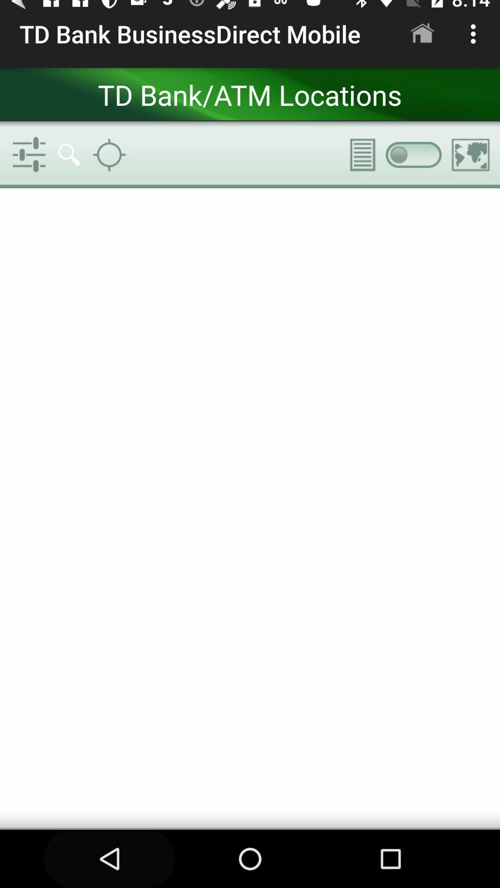  Describe the element at coordinates (422, 34) in the screenshot. I see `app to the right of the td bank businessdirect icon` at that location.